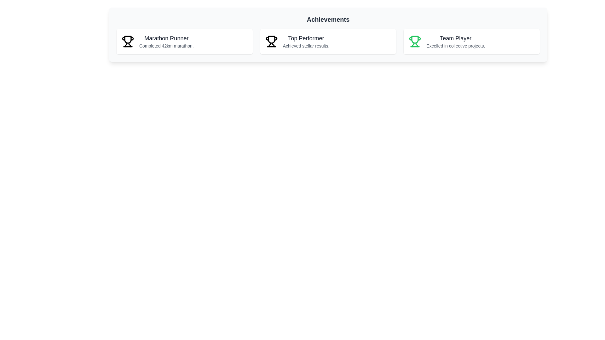  I want to click on the decorative icon component of the trophy icon representing the 'Team Player' achievement, located in the bottom-right region of the trophy icon structure, so click(417, 44).